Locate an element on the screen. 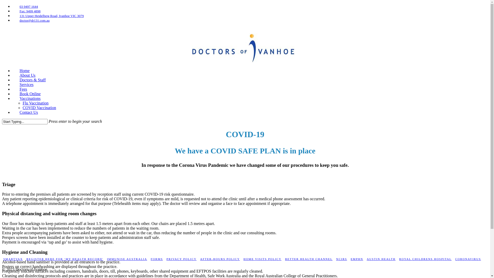  'About Us' is located at coordinates (27, 75).